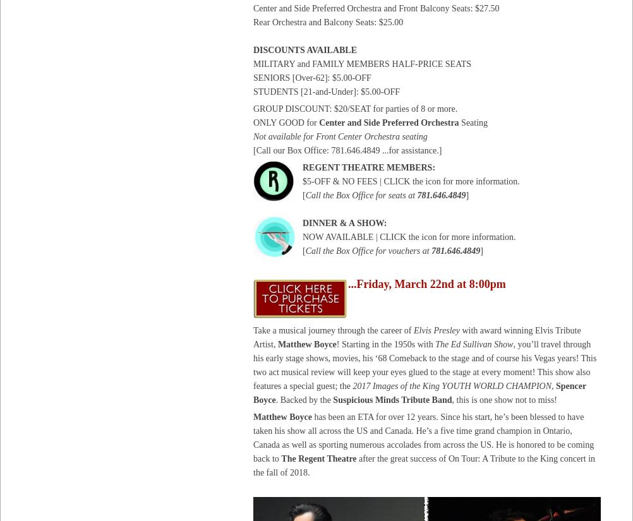 The width and height of the screenshot is (633, 521). Describe the element at coordinates (318, 458) in the screenshot. I see `'The Regent Theatre'` at that location.